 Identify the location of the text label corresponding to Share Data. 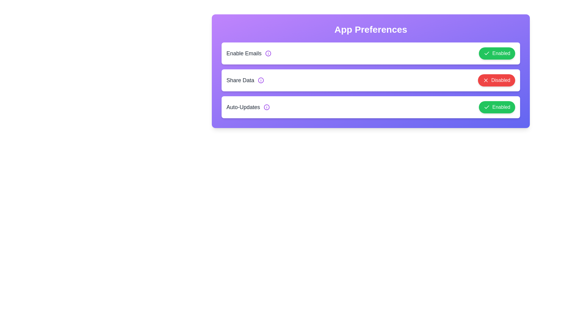
(240, 80).